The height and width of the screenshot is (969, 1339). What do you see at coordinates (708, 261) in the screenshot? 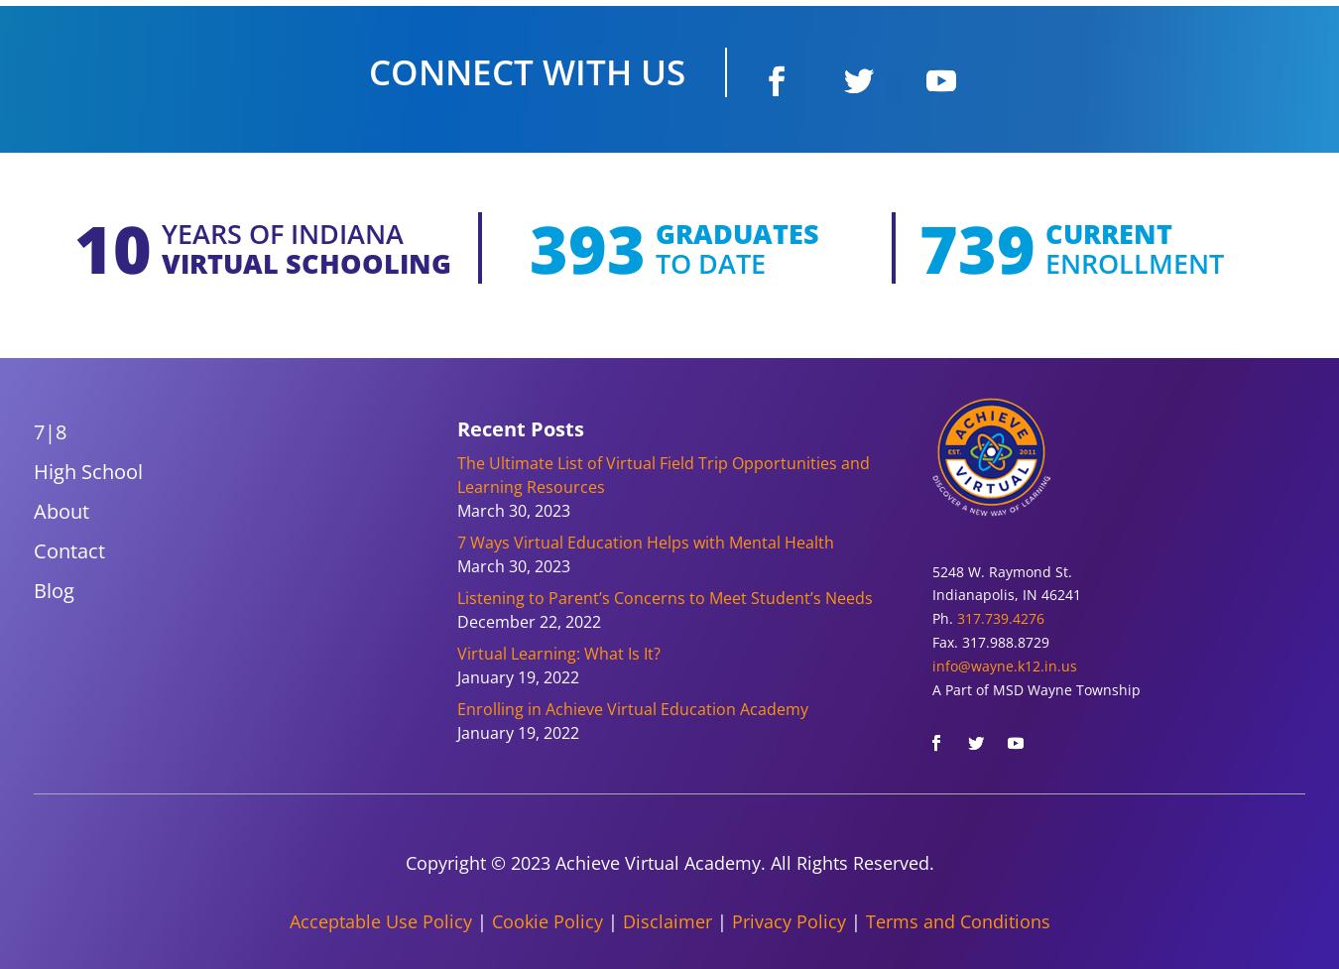
I see `'to date'` at bounding box center [708, 261].